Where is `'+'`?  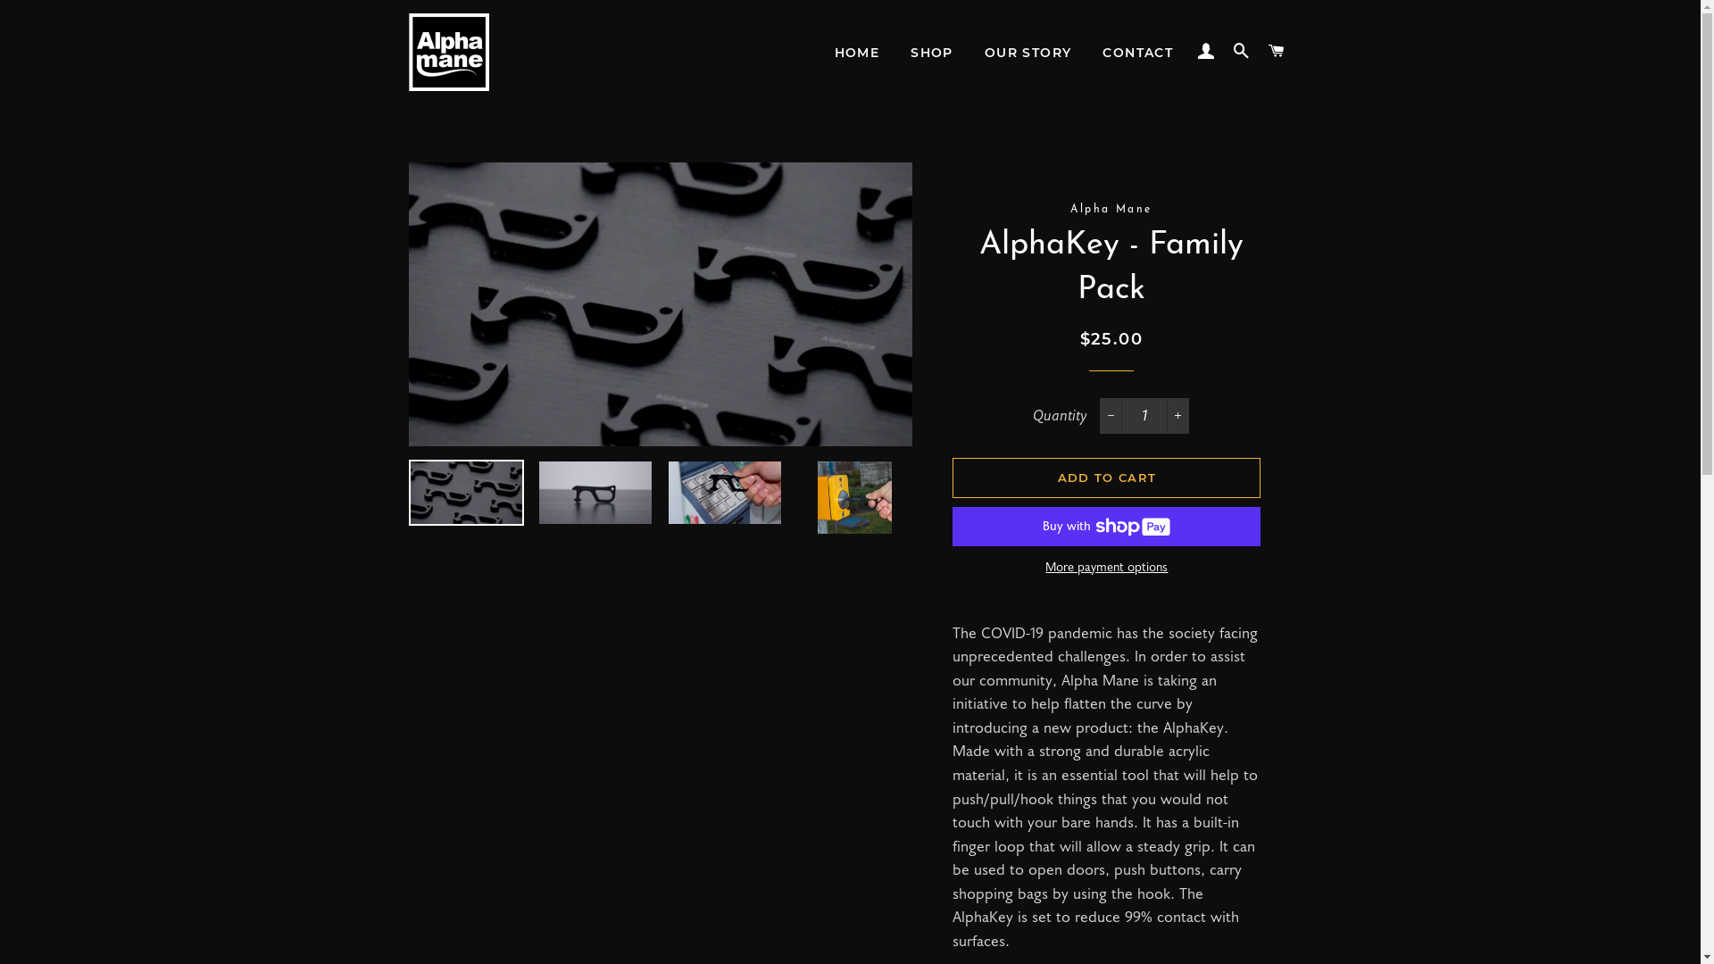 '+' is located at coordinates (1177, 416).